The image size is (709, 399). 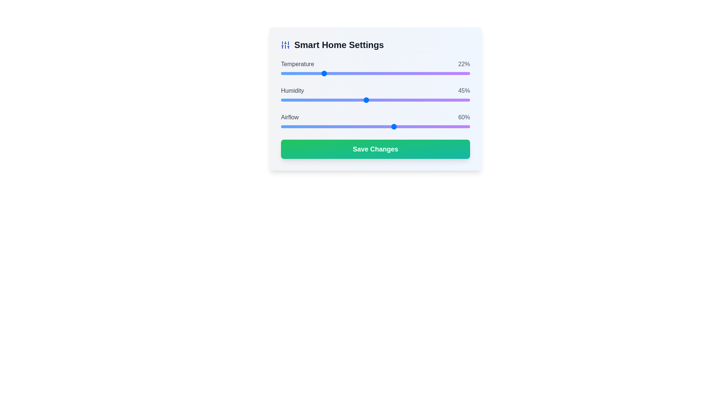 I want to click on the range slider handle located slightly right of center, so click(x=376, y=100).